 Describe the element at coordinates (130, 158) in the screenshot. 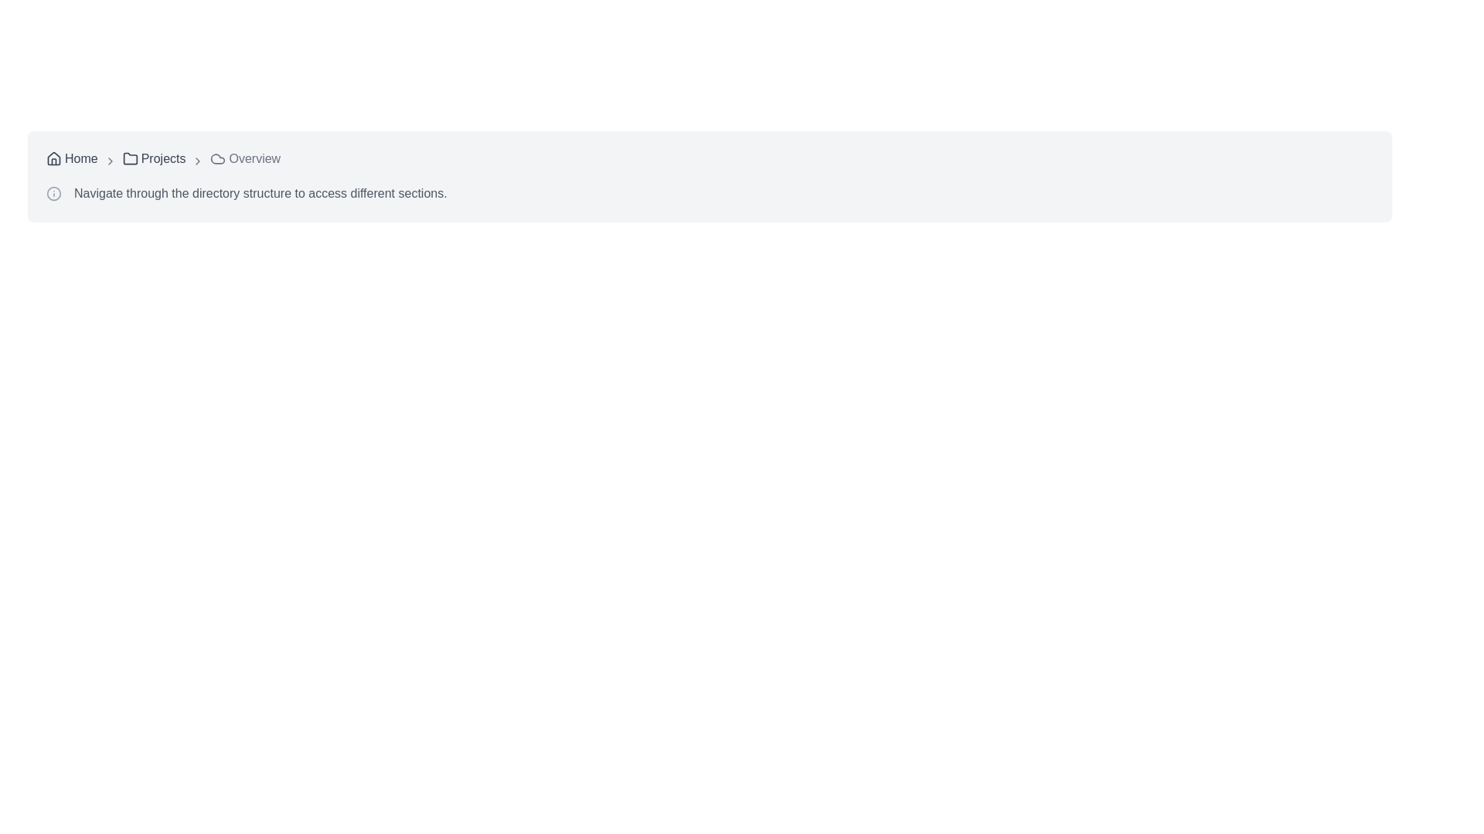

I see `the 'Projects' icon in the breadcrumb navigation bar` at that location.